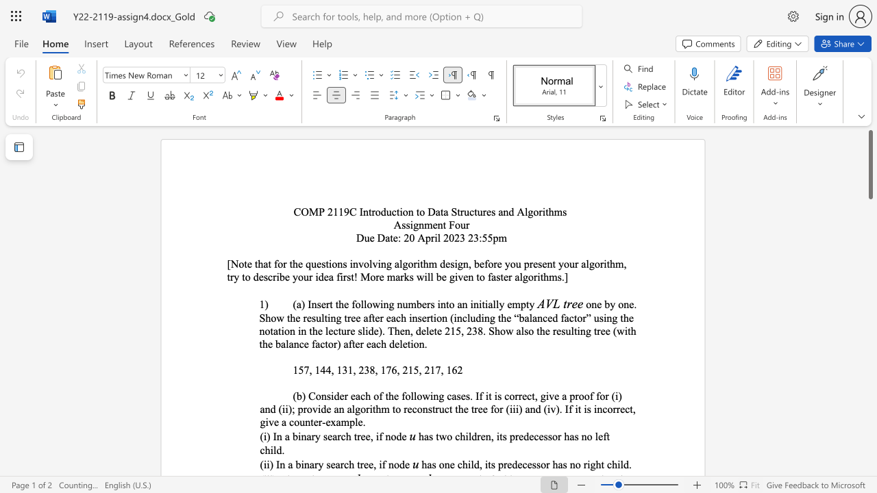 The image size is (877, 493). I want to click on the scrollbar on the right side to scroll the page down, so click(869, 370).